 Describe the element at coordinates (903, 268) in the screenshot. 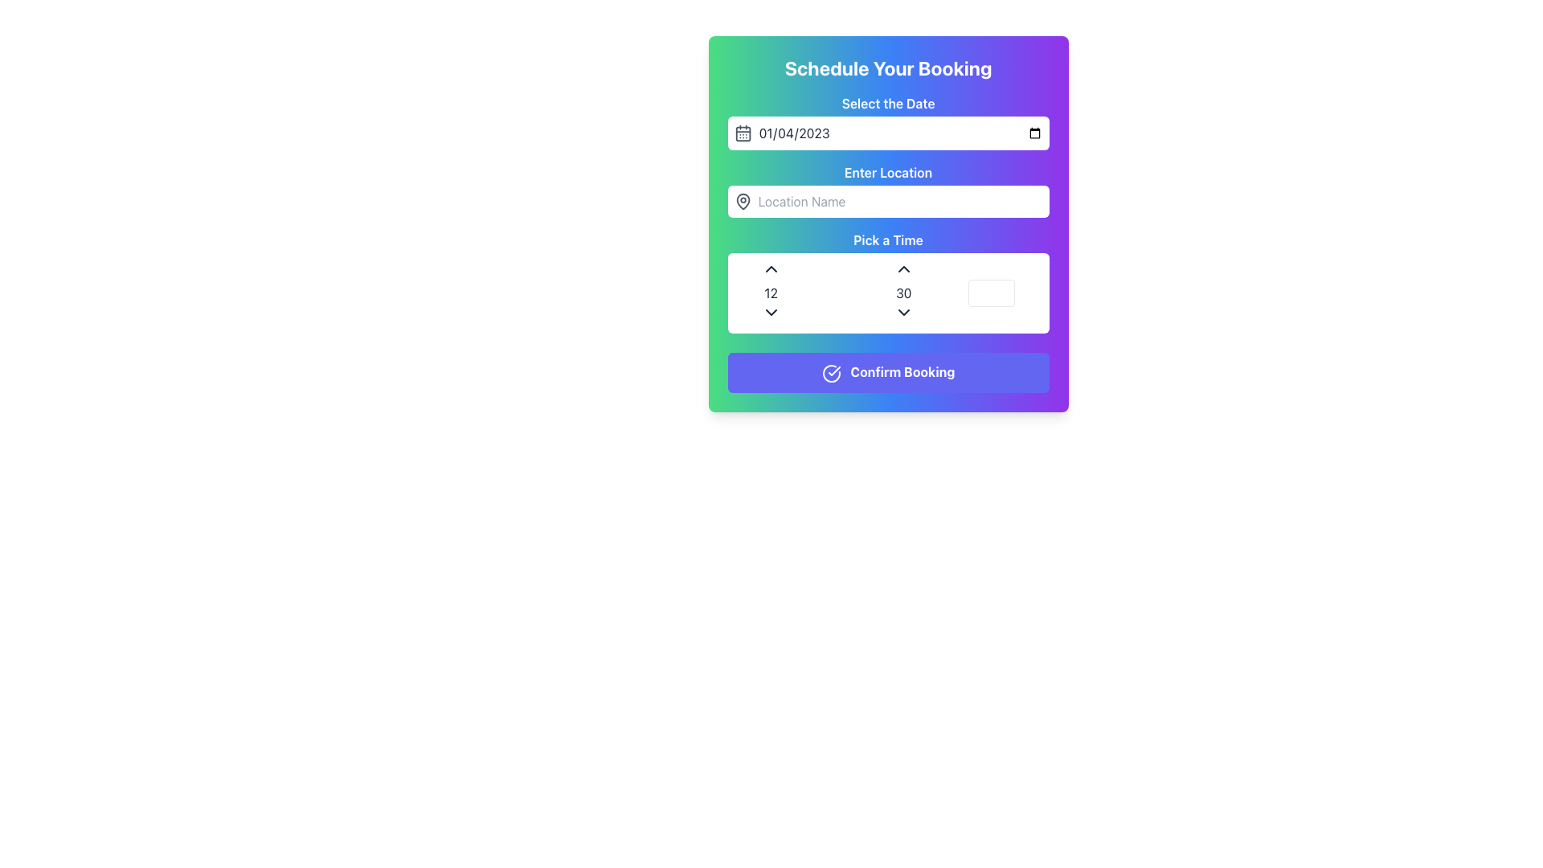

I see `the chevron button that increments the time value from '30' in the time selection interface, located above the number '30' and below the heading 'Pick a Time'` at that location.